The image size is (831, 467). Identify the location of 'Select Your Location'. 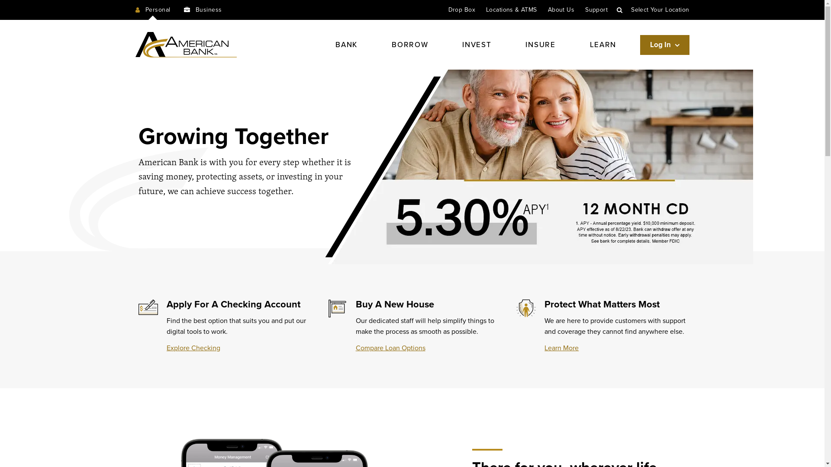
(660, 10).